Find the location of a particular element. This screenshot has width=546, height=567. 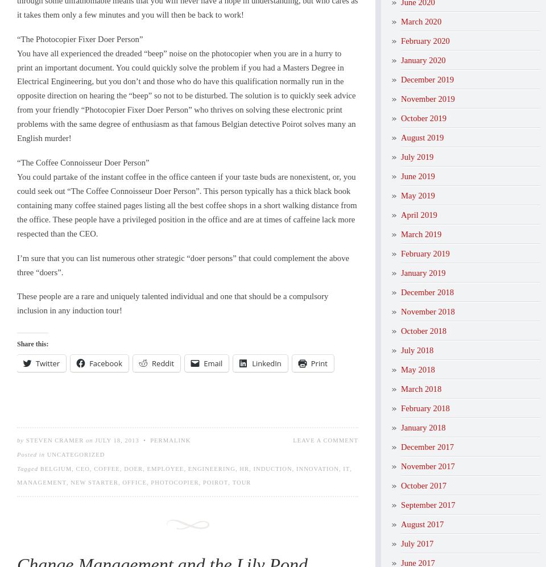

'November 2018' is located at coordinates (427, 311).